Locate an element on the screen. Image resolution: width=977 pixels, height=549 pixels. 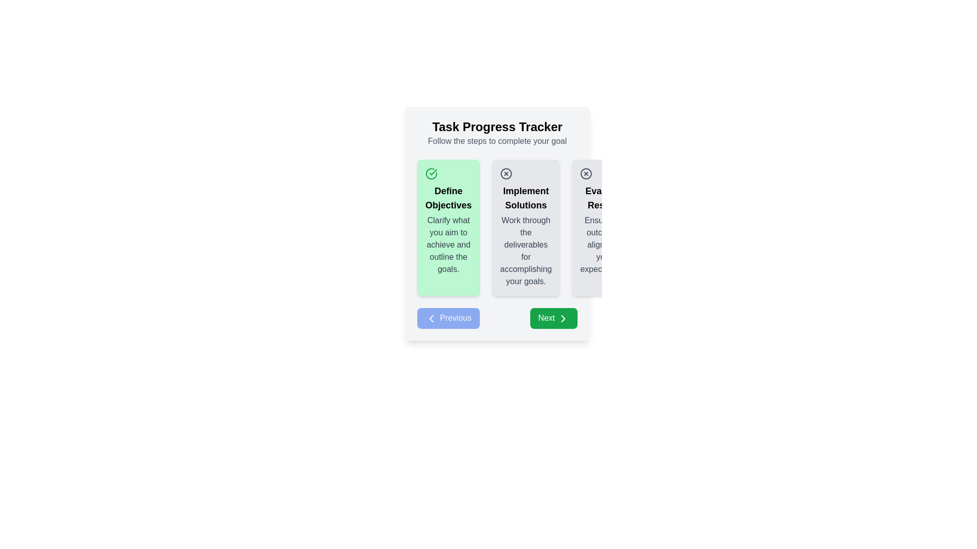
the rejection icon located at the top-left corner of the 'Evaluate Results' card, which symbolizes a rejection or error is located at coordinates (586, 173).